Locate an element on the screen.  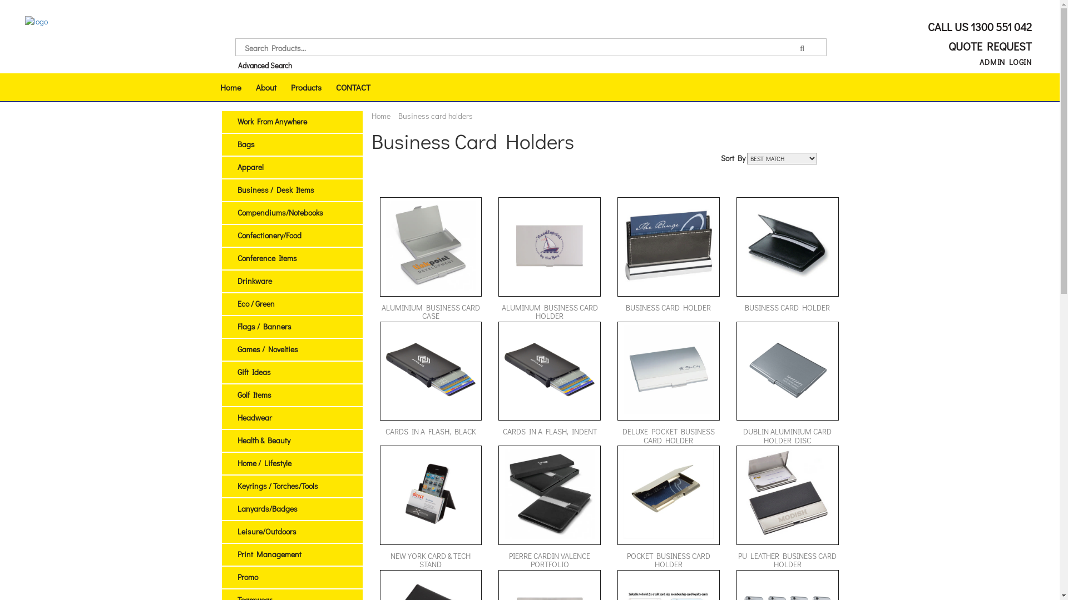
'CONTACT' is located at coordinates (352, 87).